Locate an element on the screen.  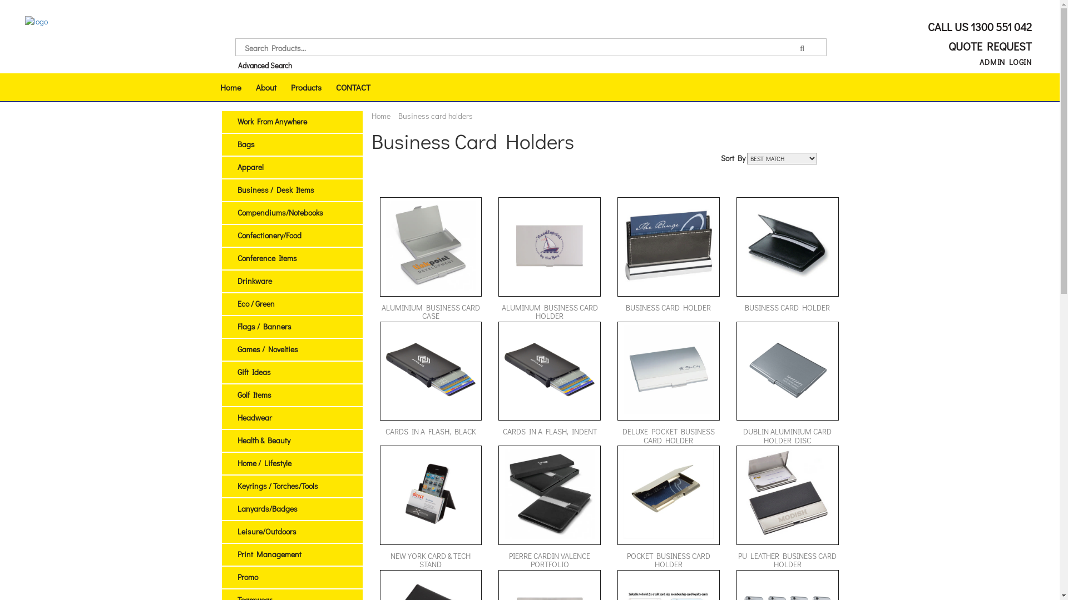
'CONTACT' is located at coordinates (352, 87).